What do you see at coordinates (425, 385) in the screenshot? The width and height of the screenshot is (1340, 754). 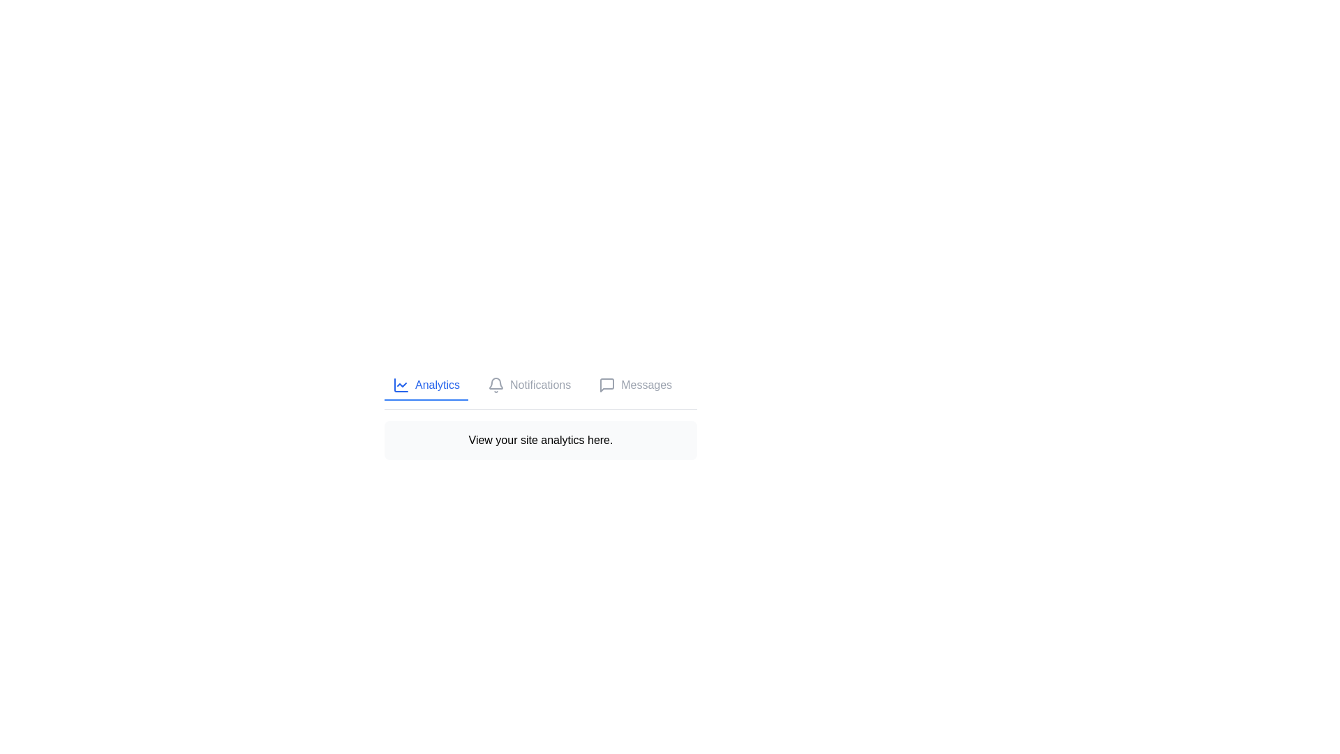 I see `the Analytics tab by clicking on its button` at bounding box center [425, 385].